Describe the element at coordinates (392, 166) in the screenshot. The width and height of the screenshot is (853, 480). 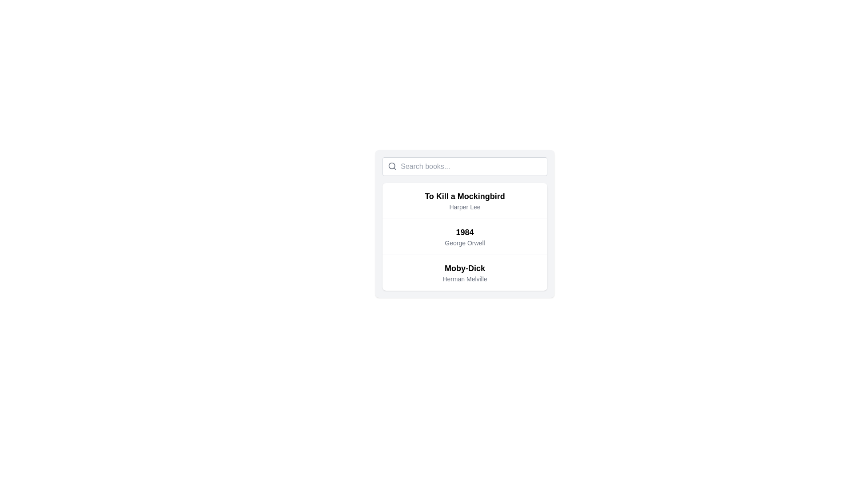
I see `the search icon SVG located on the left side of the text input area, which signifies a search tool` at that location.